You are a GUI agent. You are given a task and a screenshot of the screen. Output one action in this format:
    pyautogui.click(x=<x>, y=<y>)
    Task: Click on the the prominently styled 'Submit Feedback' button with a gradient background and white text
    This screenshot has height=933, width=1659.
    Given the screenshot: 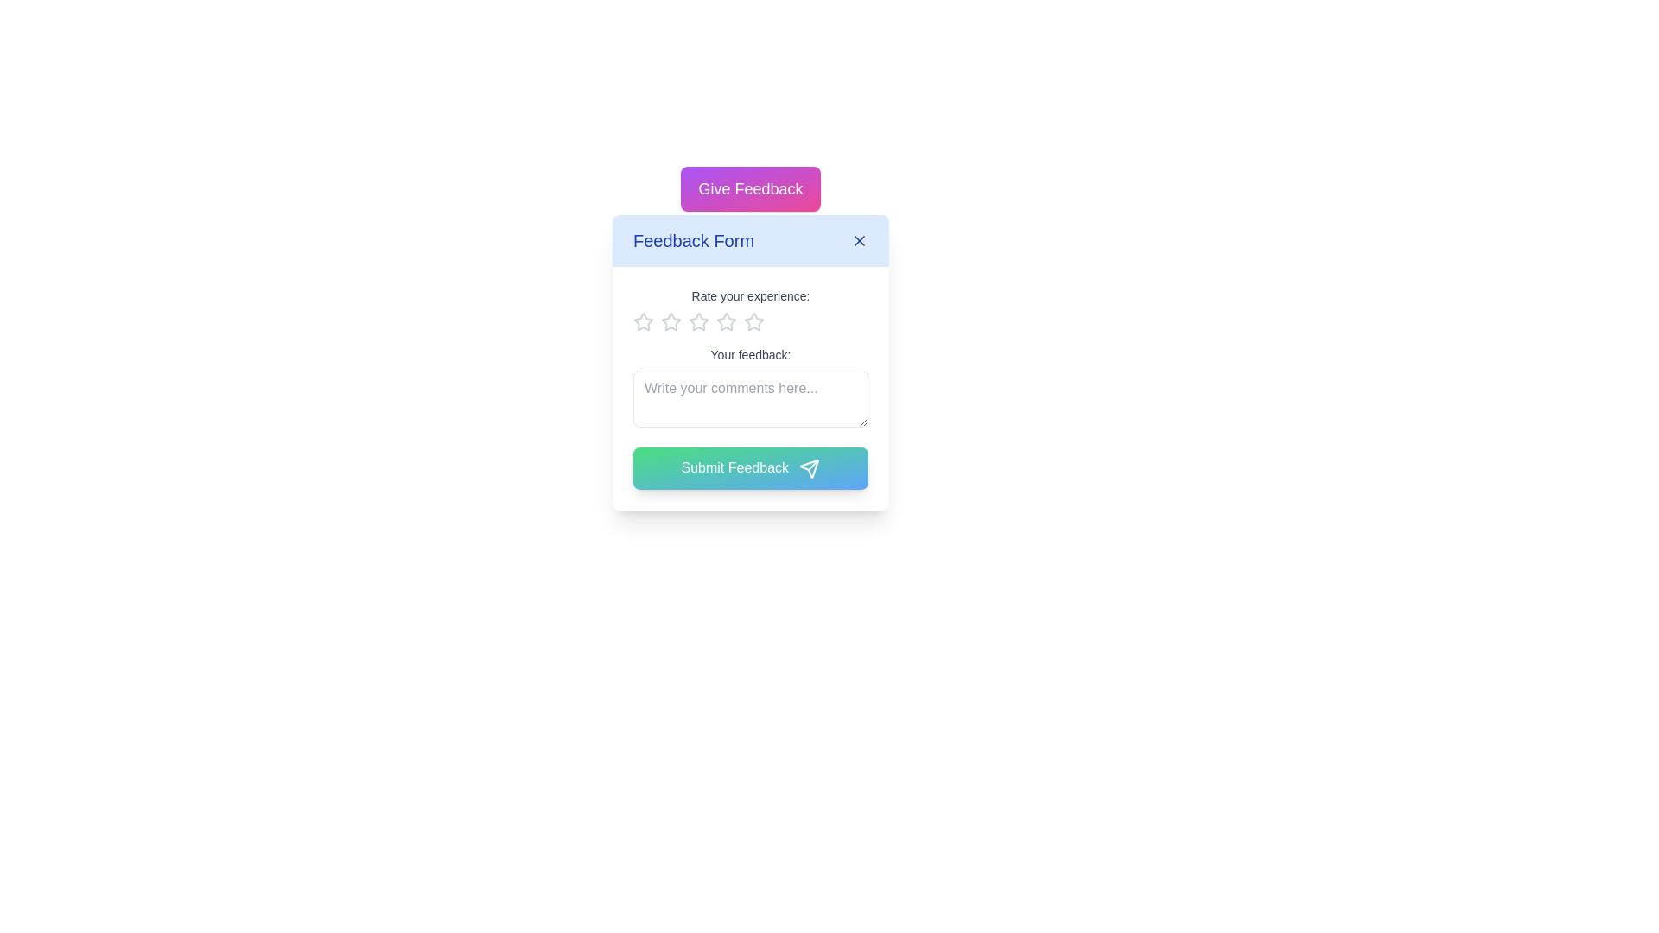 What is the action you would take?
    pyautogui.click(x=750, y=468)
    